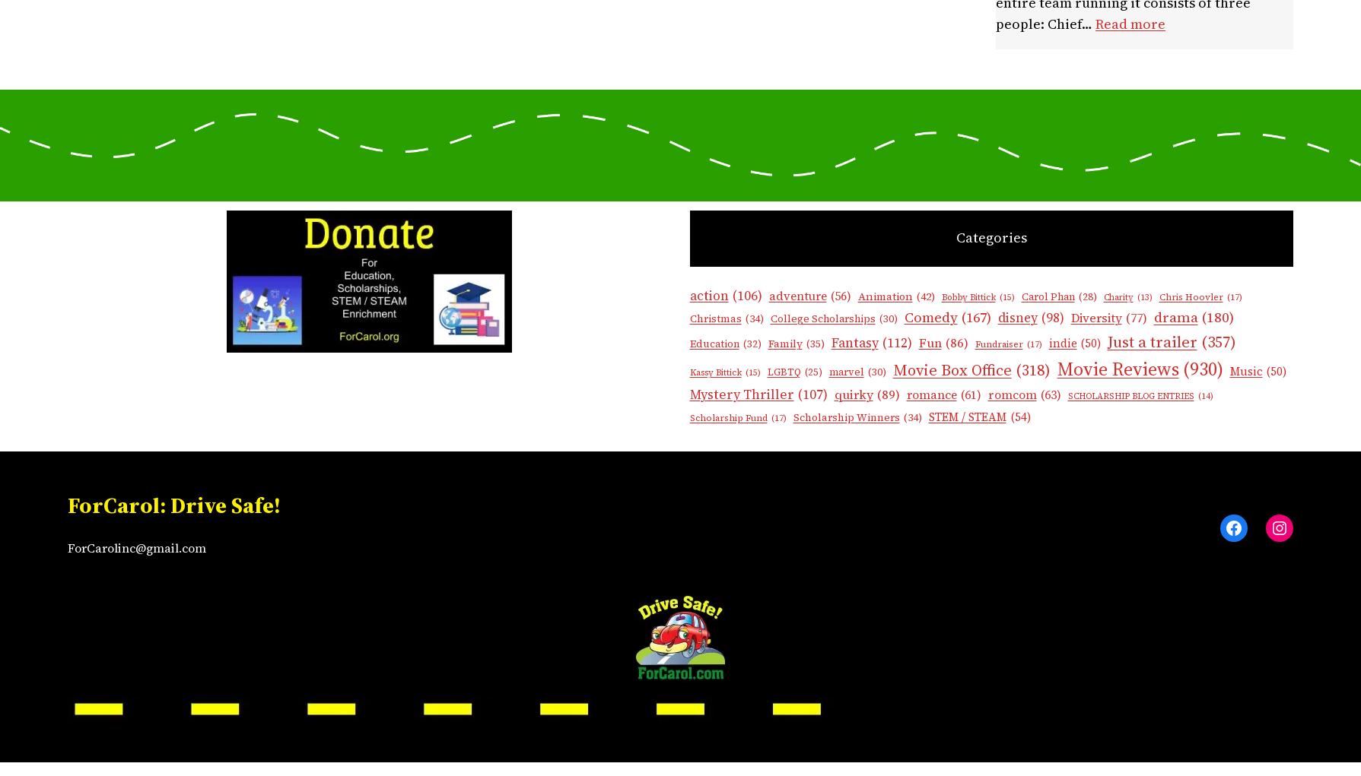 Image resolution: width=1361 pixels, height=776 pixels. Describe the element at coordinates (1151, 341) in the screenshot. I see `'Just a trailer'` at that location.